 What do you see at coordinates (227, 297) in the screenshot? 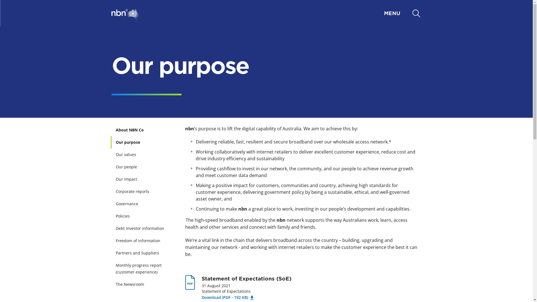
I see `'Download (PDF - 192 KB)'` at bounding box center [227, 297].